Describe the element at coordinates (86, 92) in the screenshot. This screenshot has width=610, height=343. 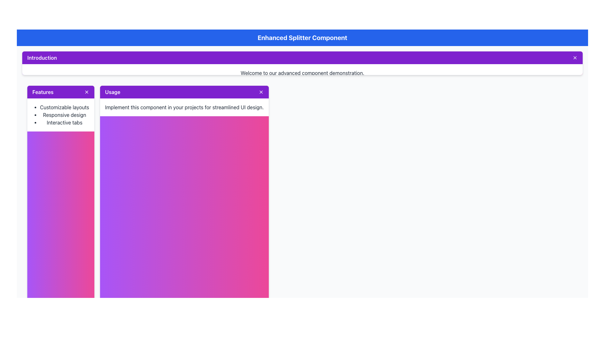
I see `the white 'X' icon button located in the upper-right corner of the 'Features' section` at that location.